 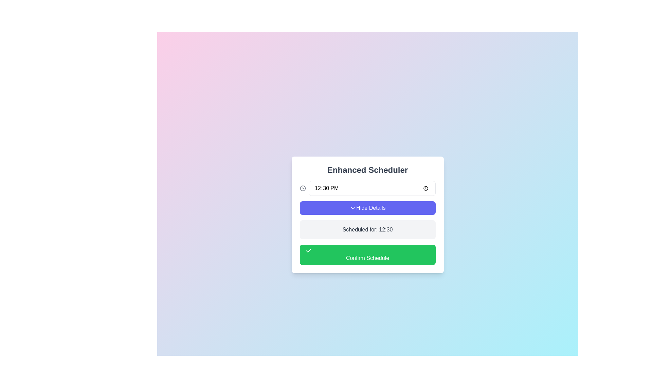 What do you see at coordinates (308, 250) in the screenshot?
I see `the green button labeled 'Confirm Schedule' which contains the checkmark icon by moving the cursor to its center point` at bounding box center [308, 250].